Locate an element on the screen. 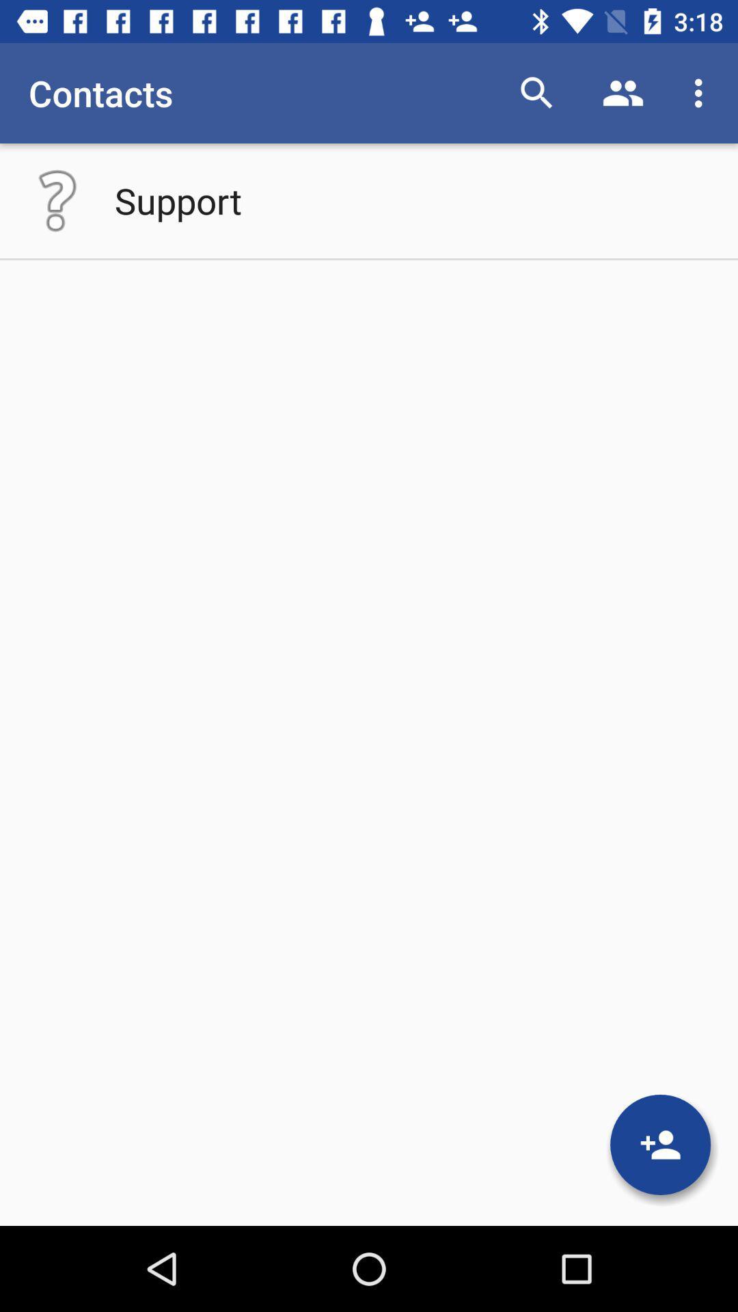 This screenshot has height=1312, width=738. the app below the contacts app is located at coordinates (178, 200).